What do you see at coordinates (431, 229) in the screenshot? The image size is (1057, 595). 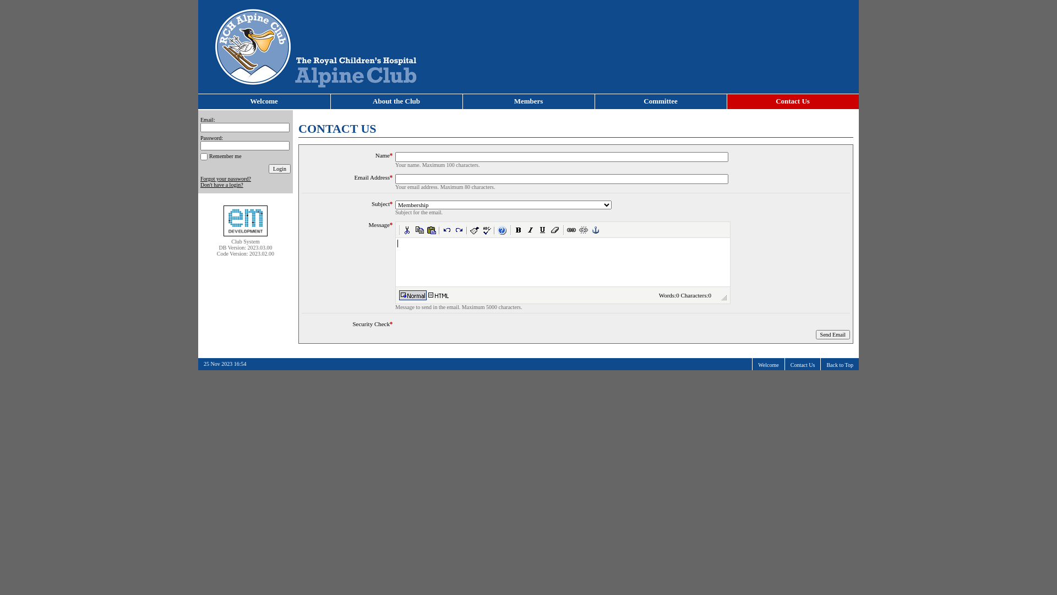 I see `'Paste'` at bounding box center [431, 229].